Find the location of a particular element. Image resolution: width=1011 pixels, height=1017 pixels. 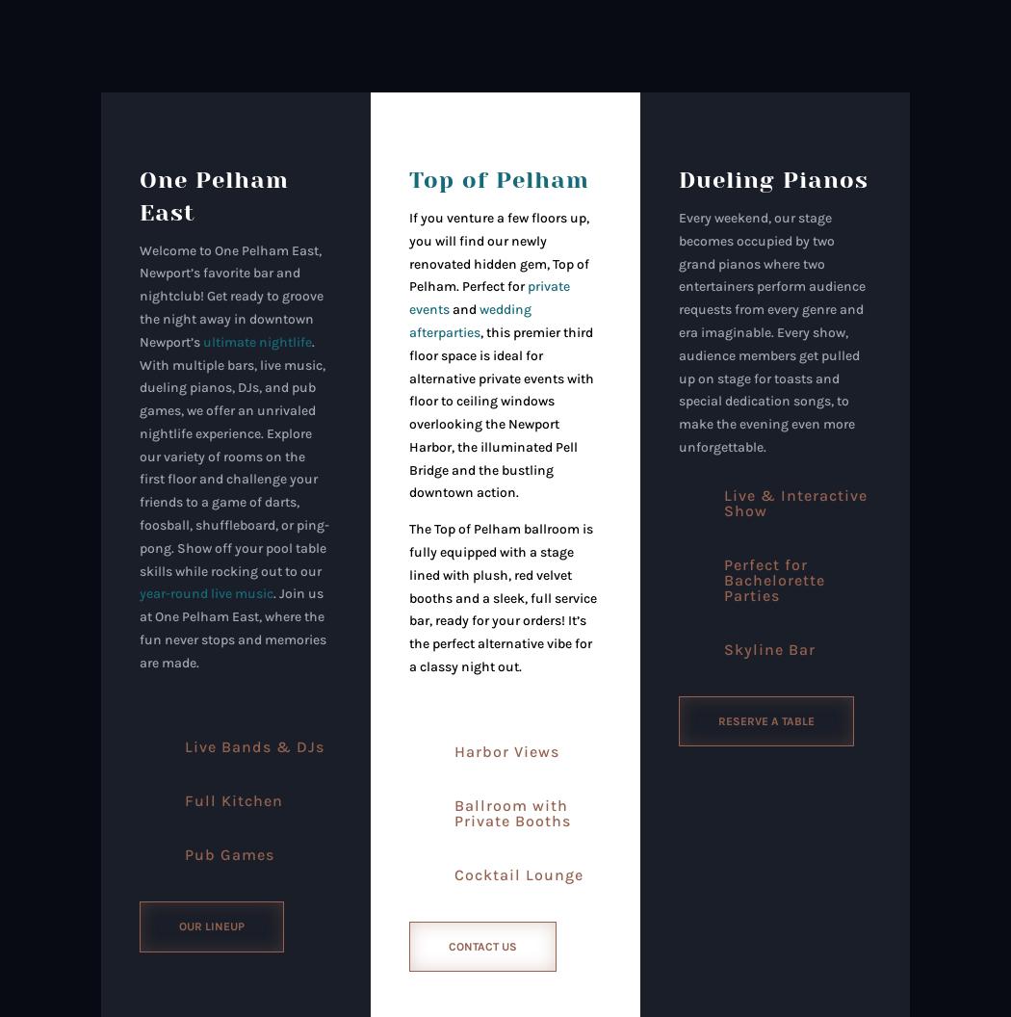

'private events' is located at coordinates (487, 298).